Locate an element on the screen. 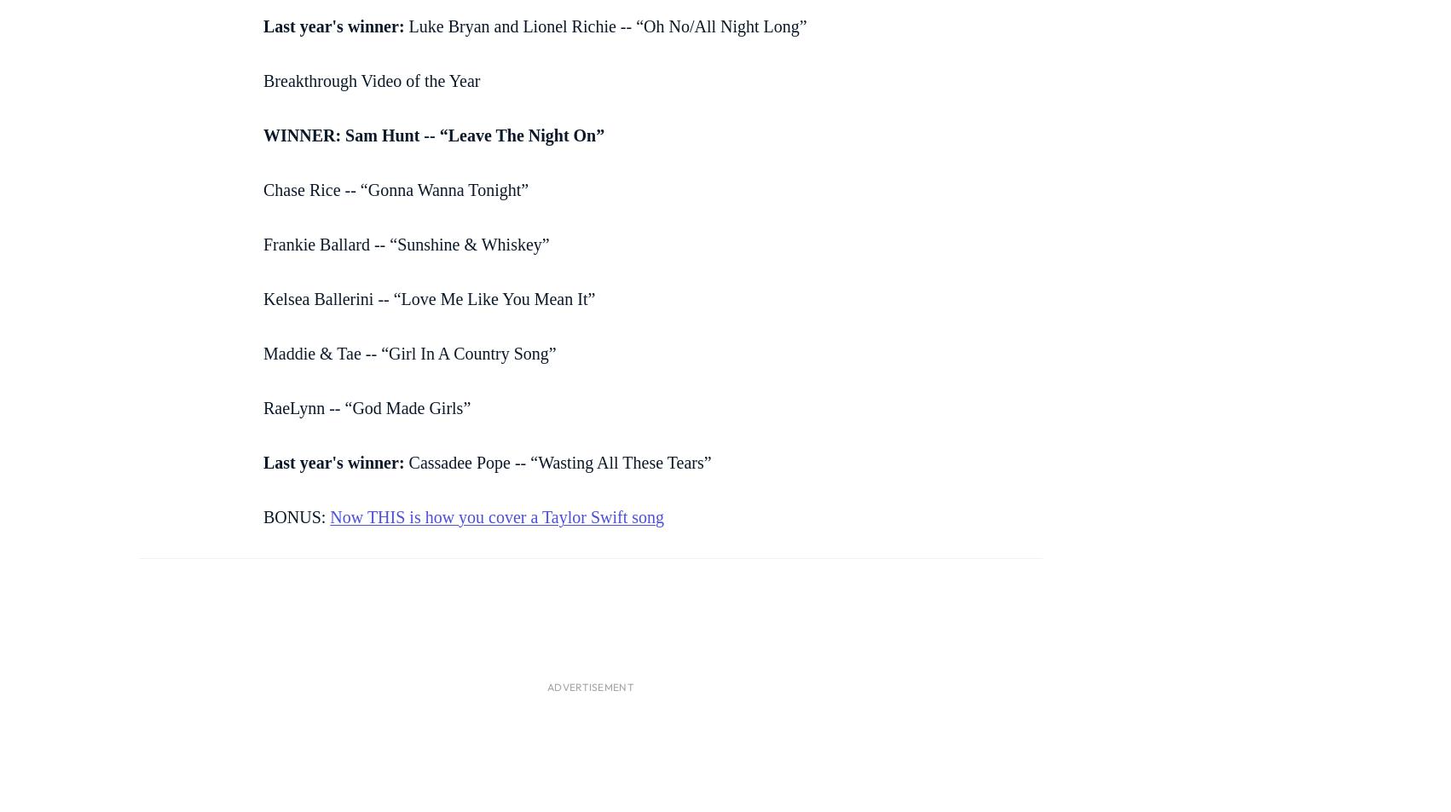 This screenshot has height=812, width=1451. 'Maddie & Tae -- “Girl In A Country Song”' is located at coordinates (263, 351).